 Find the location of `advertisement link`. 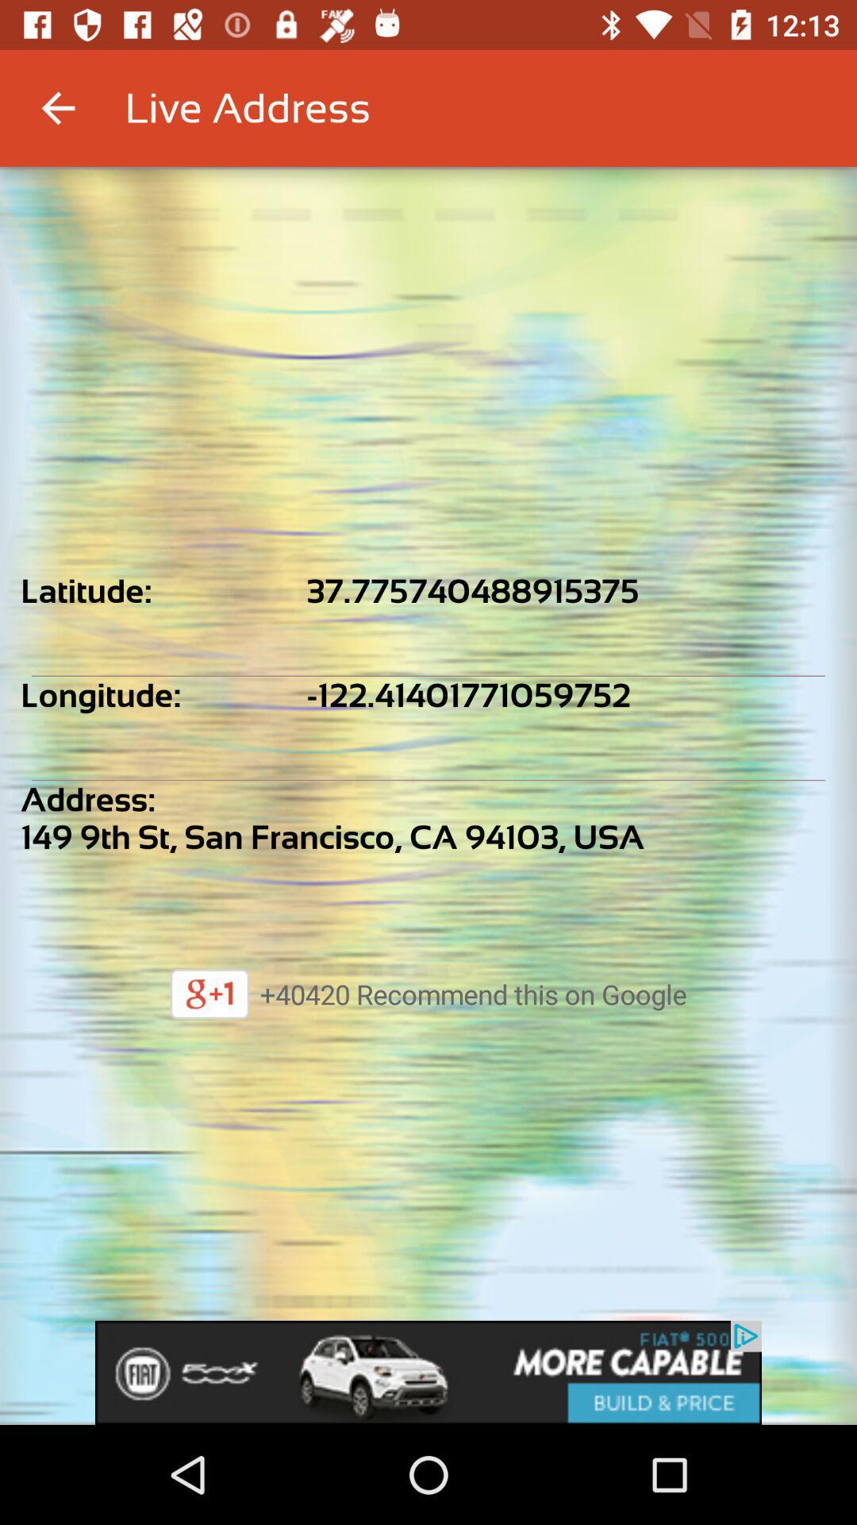

advertisement link is located at coordinates (428, 1372).